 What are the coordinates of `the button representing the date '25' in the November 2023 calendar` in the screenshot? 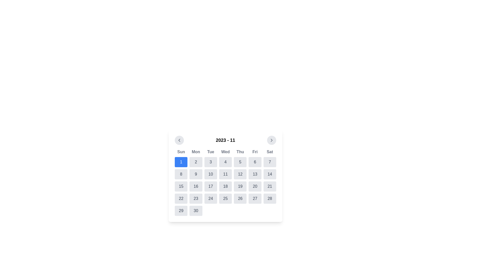 It's located at (225, 198).